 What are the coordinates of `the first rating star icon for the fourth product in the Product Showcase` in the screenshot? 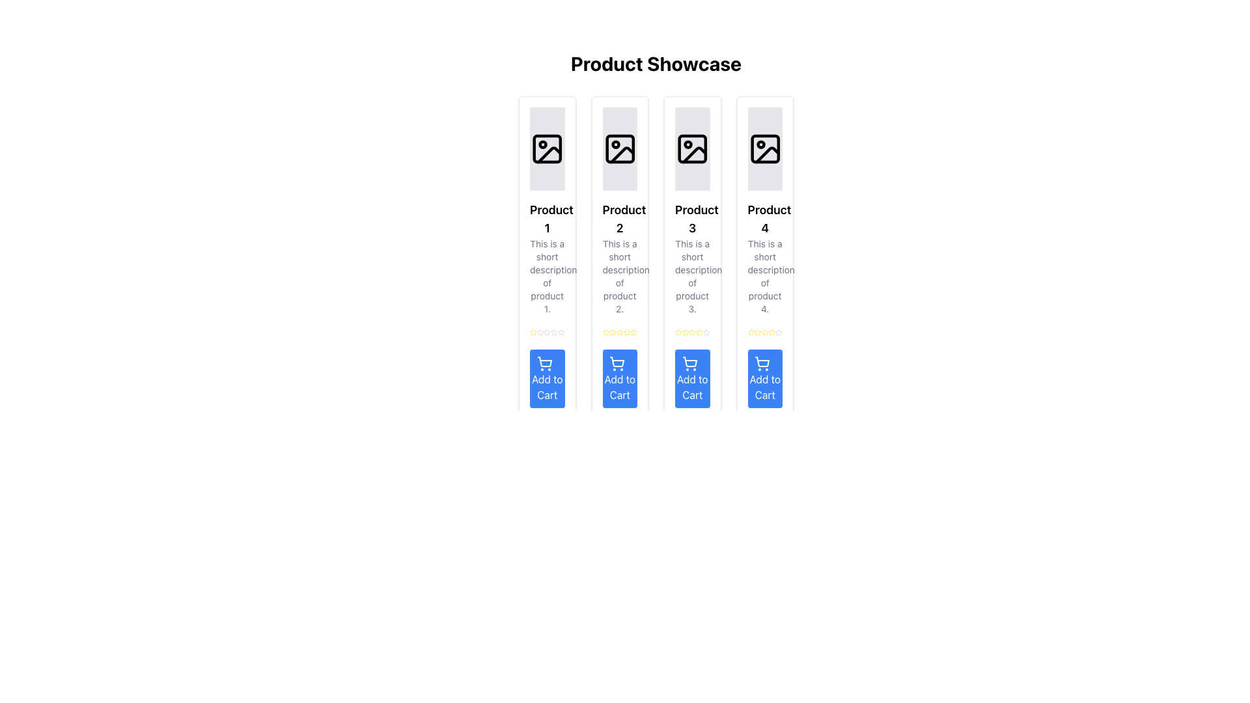 It's located at (765, 331).